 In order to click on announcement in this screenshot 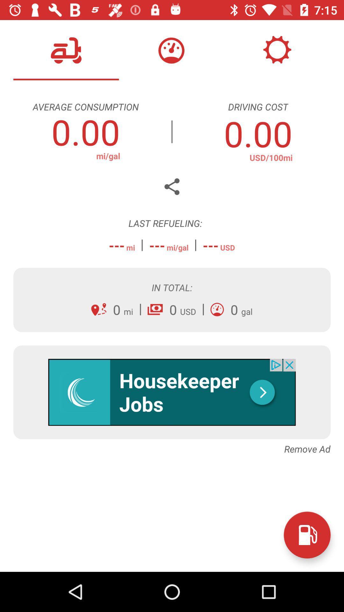, I will do `click(172, 392)`.